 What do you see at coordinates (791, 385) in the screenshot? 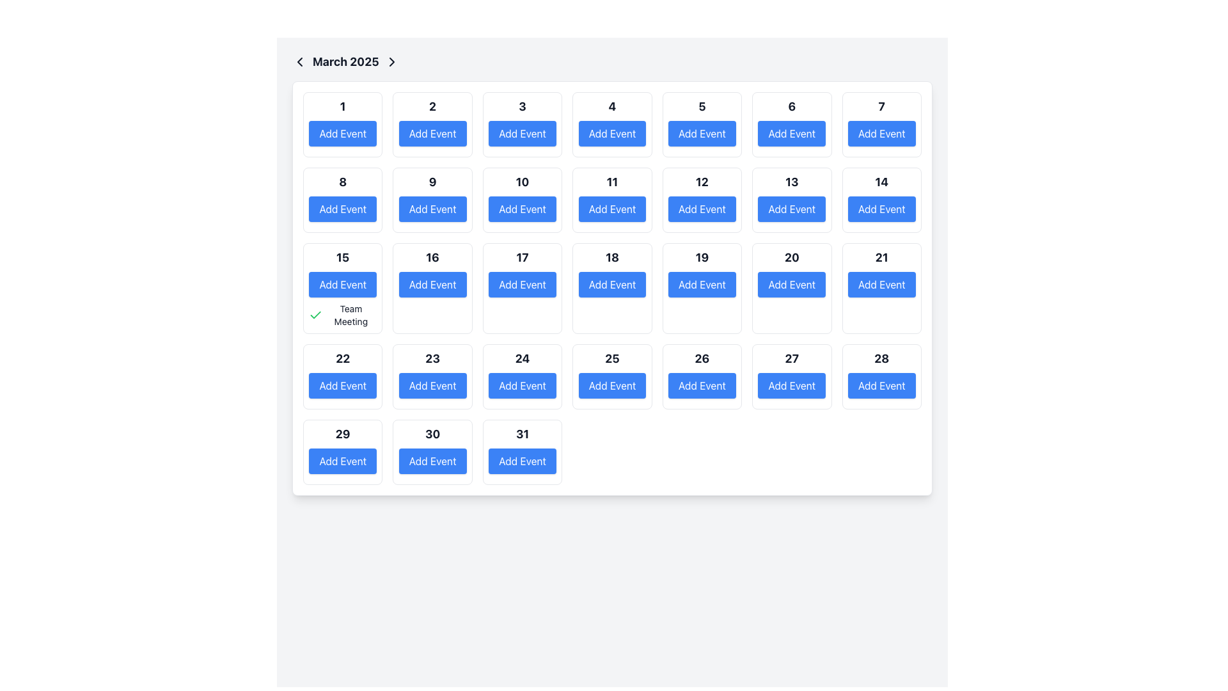
I see `the 'Add Event' button with a blue background and white text located in the last column of the fourth row of the calendar view` at bounding box center [791, 385].